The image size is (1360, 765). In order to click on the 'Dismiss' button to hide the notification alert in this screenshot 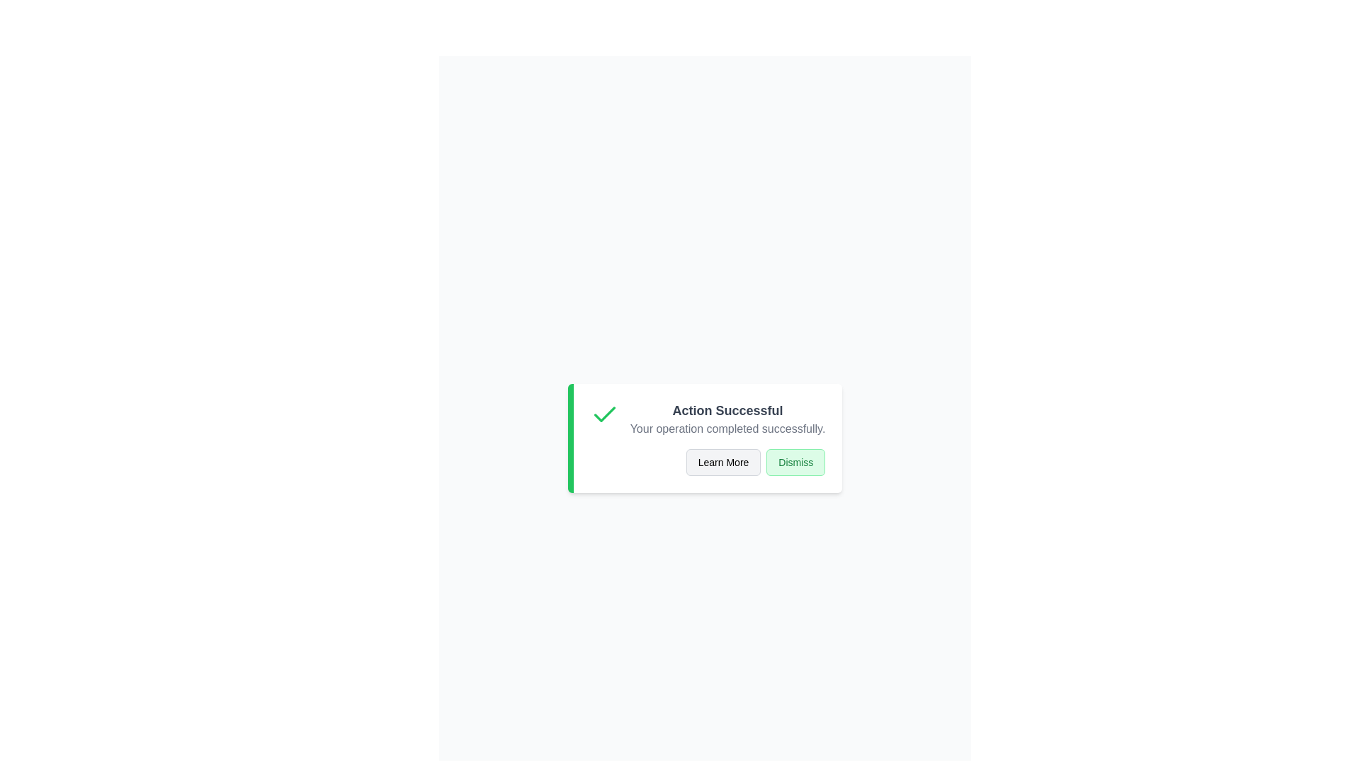, I will do `click(795, 462)`.